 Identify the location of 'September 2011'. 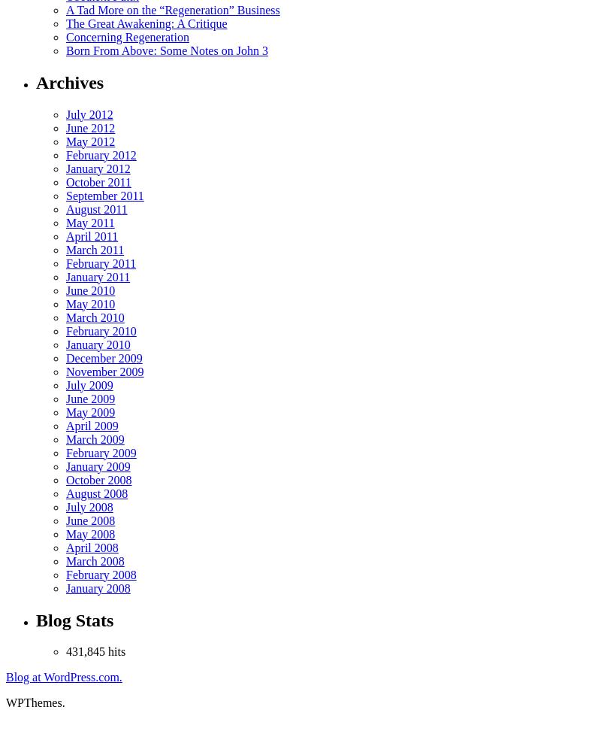
(104, 194).